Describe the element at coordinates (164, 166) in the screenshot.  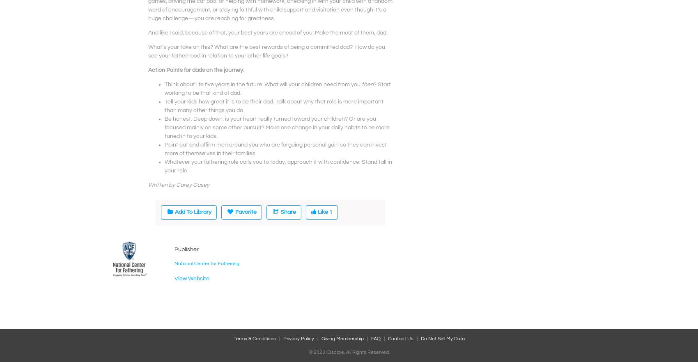
I see `'Whatever your fathering role calls you to today, approach it with confidence. Stand tall in your role.'` at that location.